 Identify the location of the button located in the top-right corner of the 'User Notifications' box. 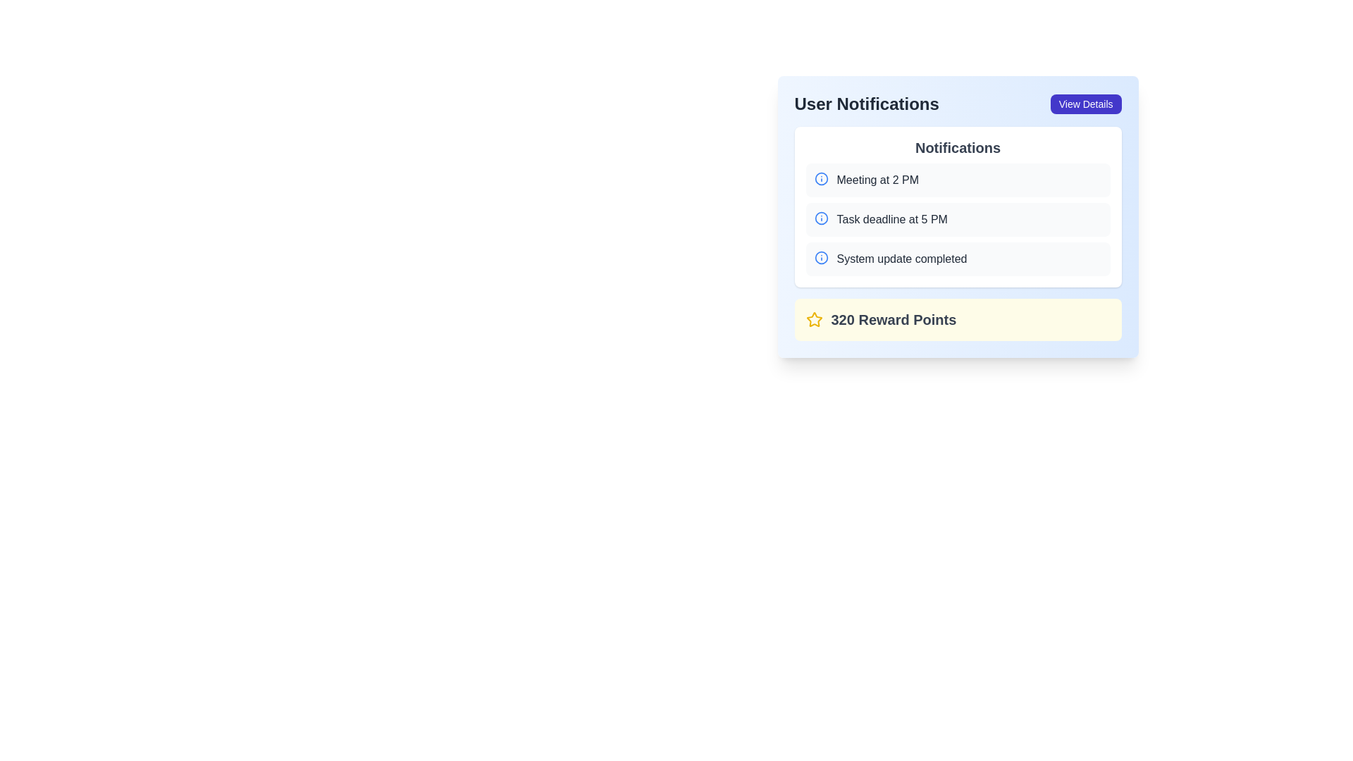
(1085, 103).